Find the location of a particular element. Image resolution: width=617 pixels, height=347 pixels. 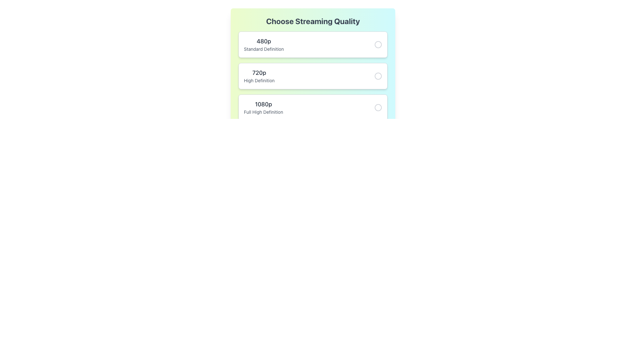

the unselected radio button indicator for the '1080p Full High Definition' option is located at coordinates (378, 107).